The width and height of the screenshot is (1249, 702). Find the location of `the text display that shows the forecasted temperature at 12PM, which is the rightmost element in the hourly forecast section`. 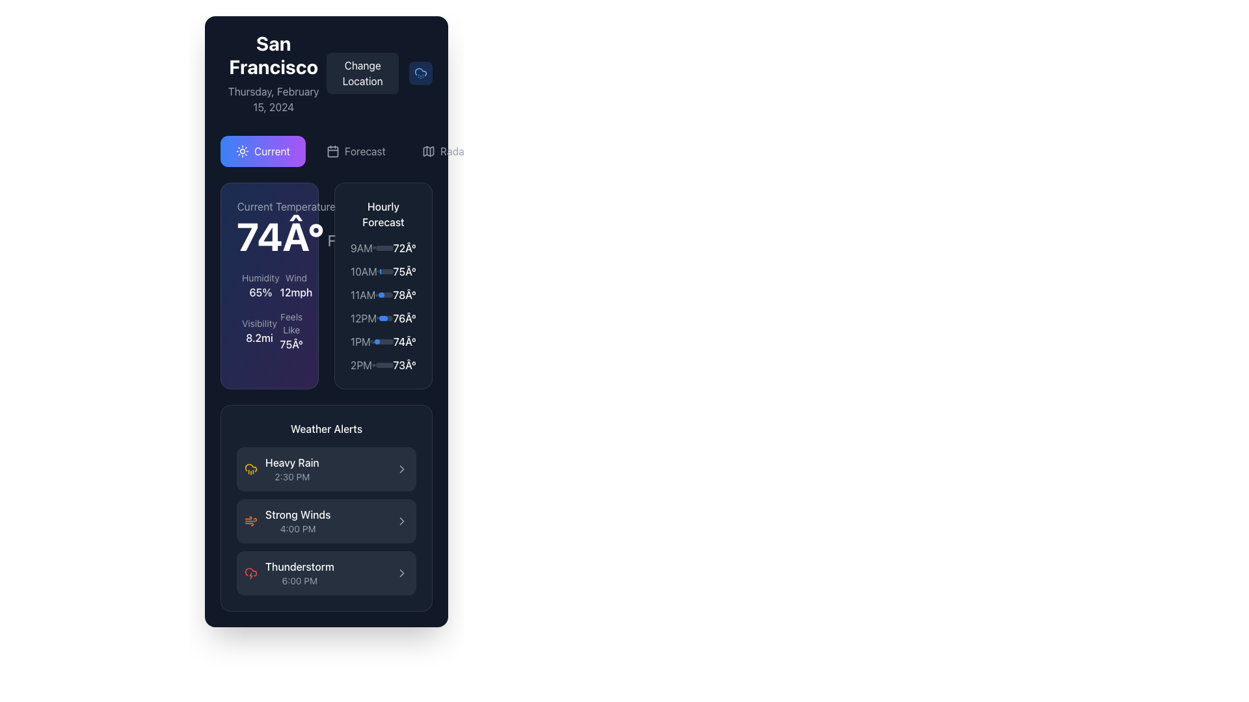

the text display that shows the forecasted temperature at 12PM, which is the rightmost element in the hourly forecast section is located at coordinates (404, 318).